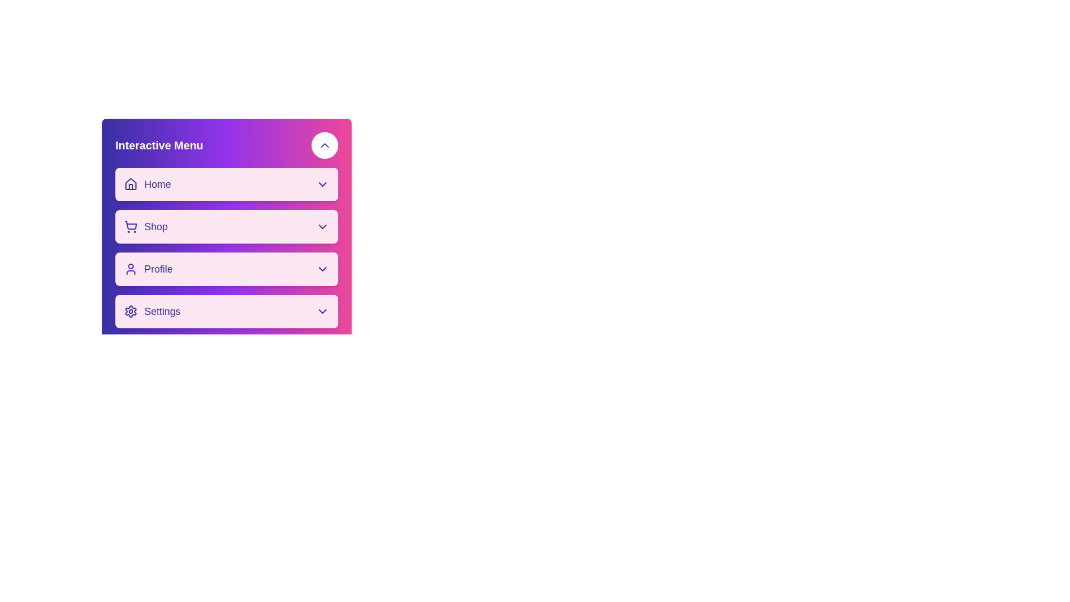 The height and width of the screenshot is (602, 1070). I want to click on the house icon in the 'Home' menu, so click(131, 184).